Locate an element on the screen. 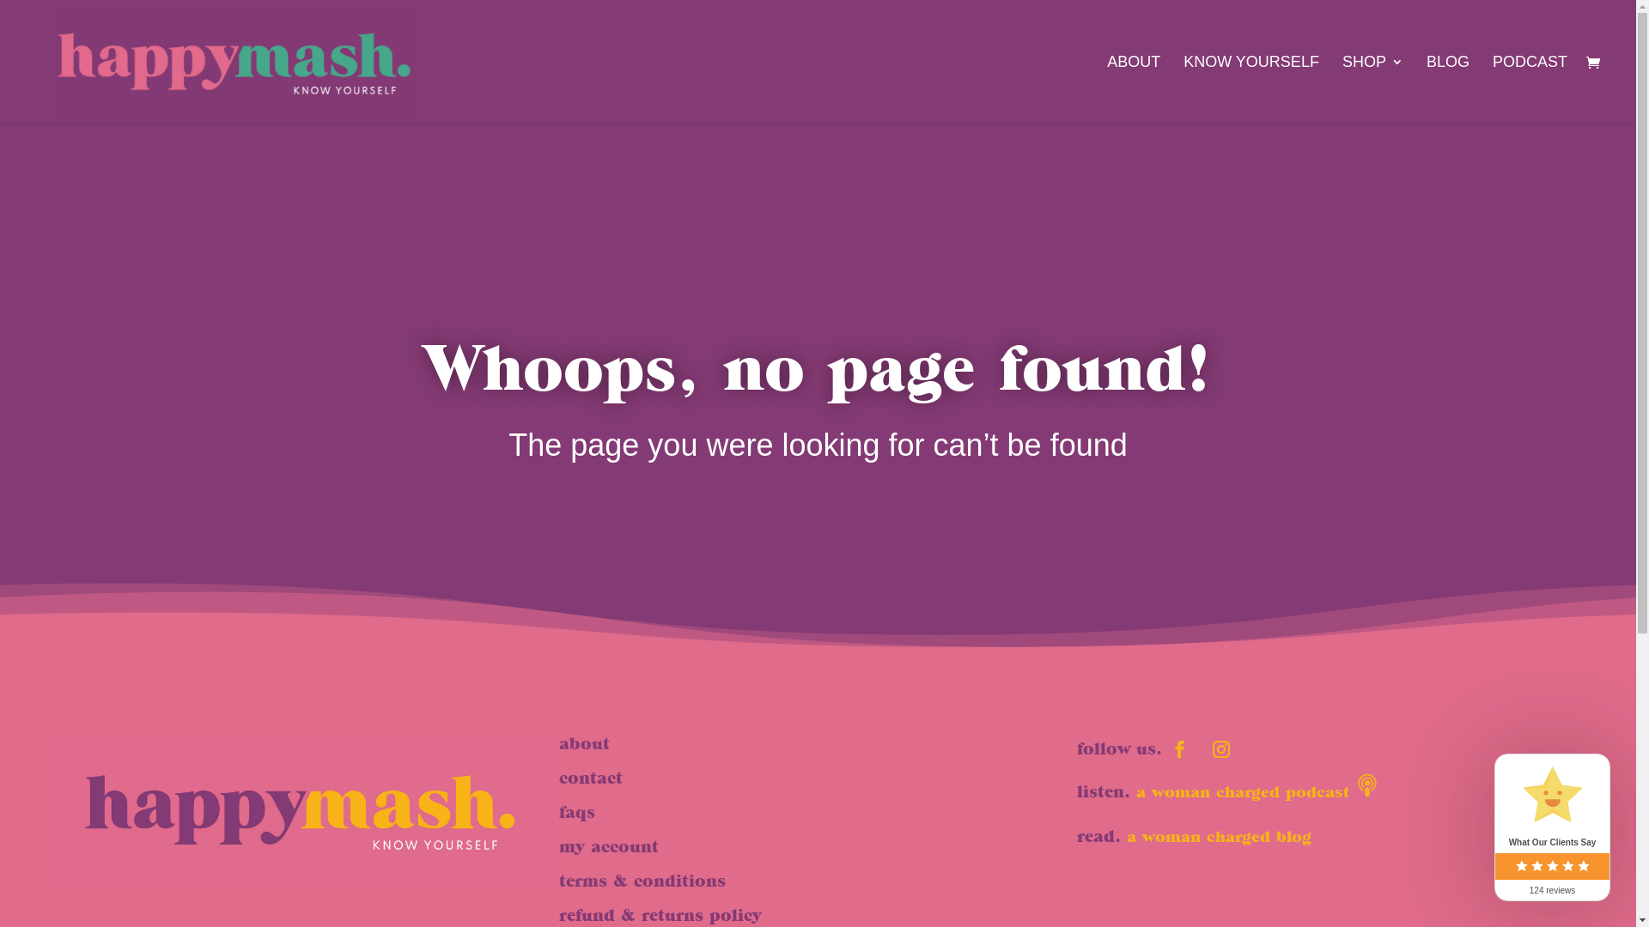  'a woman charged podcast' is located at coordinates (1242, 791).